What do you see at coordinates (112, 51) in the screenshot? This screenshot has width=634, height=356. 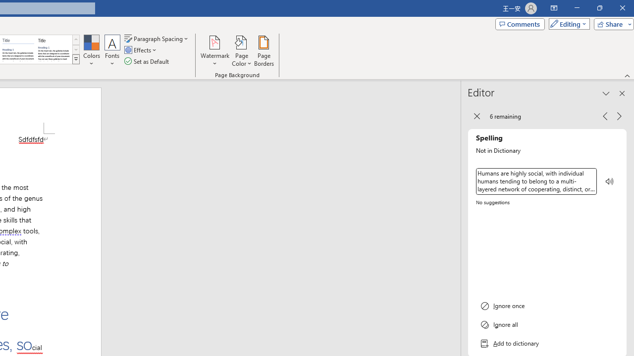 I see `'Fonts'` at bounding box center [112, 51].